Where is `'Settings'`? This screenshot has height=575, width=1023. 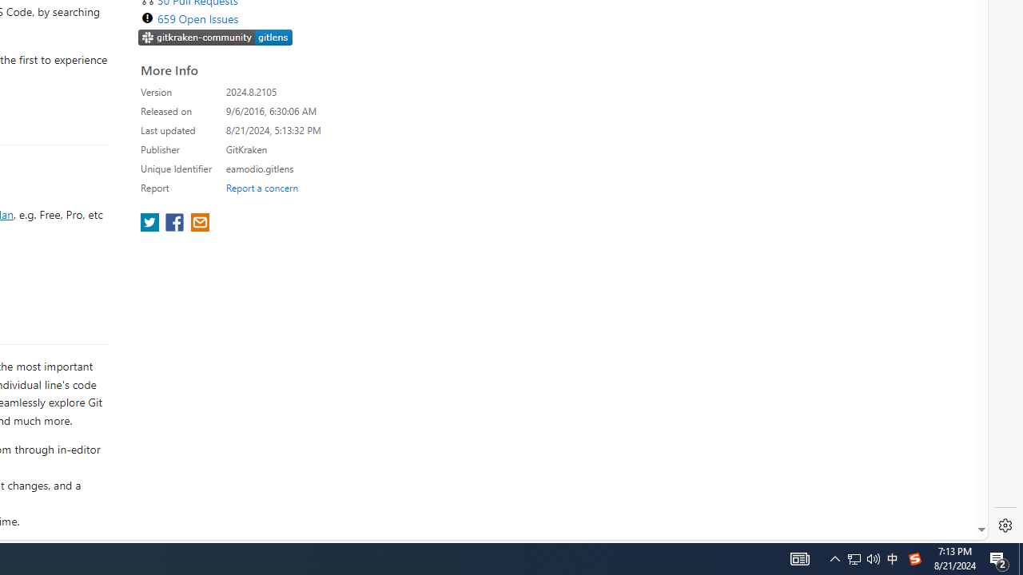 'Settings' is located at coordinates (1005, 525).